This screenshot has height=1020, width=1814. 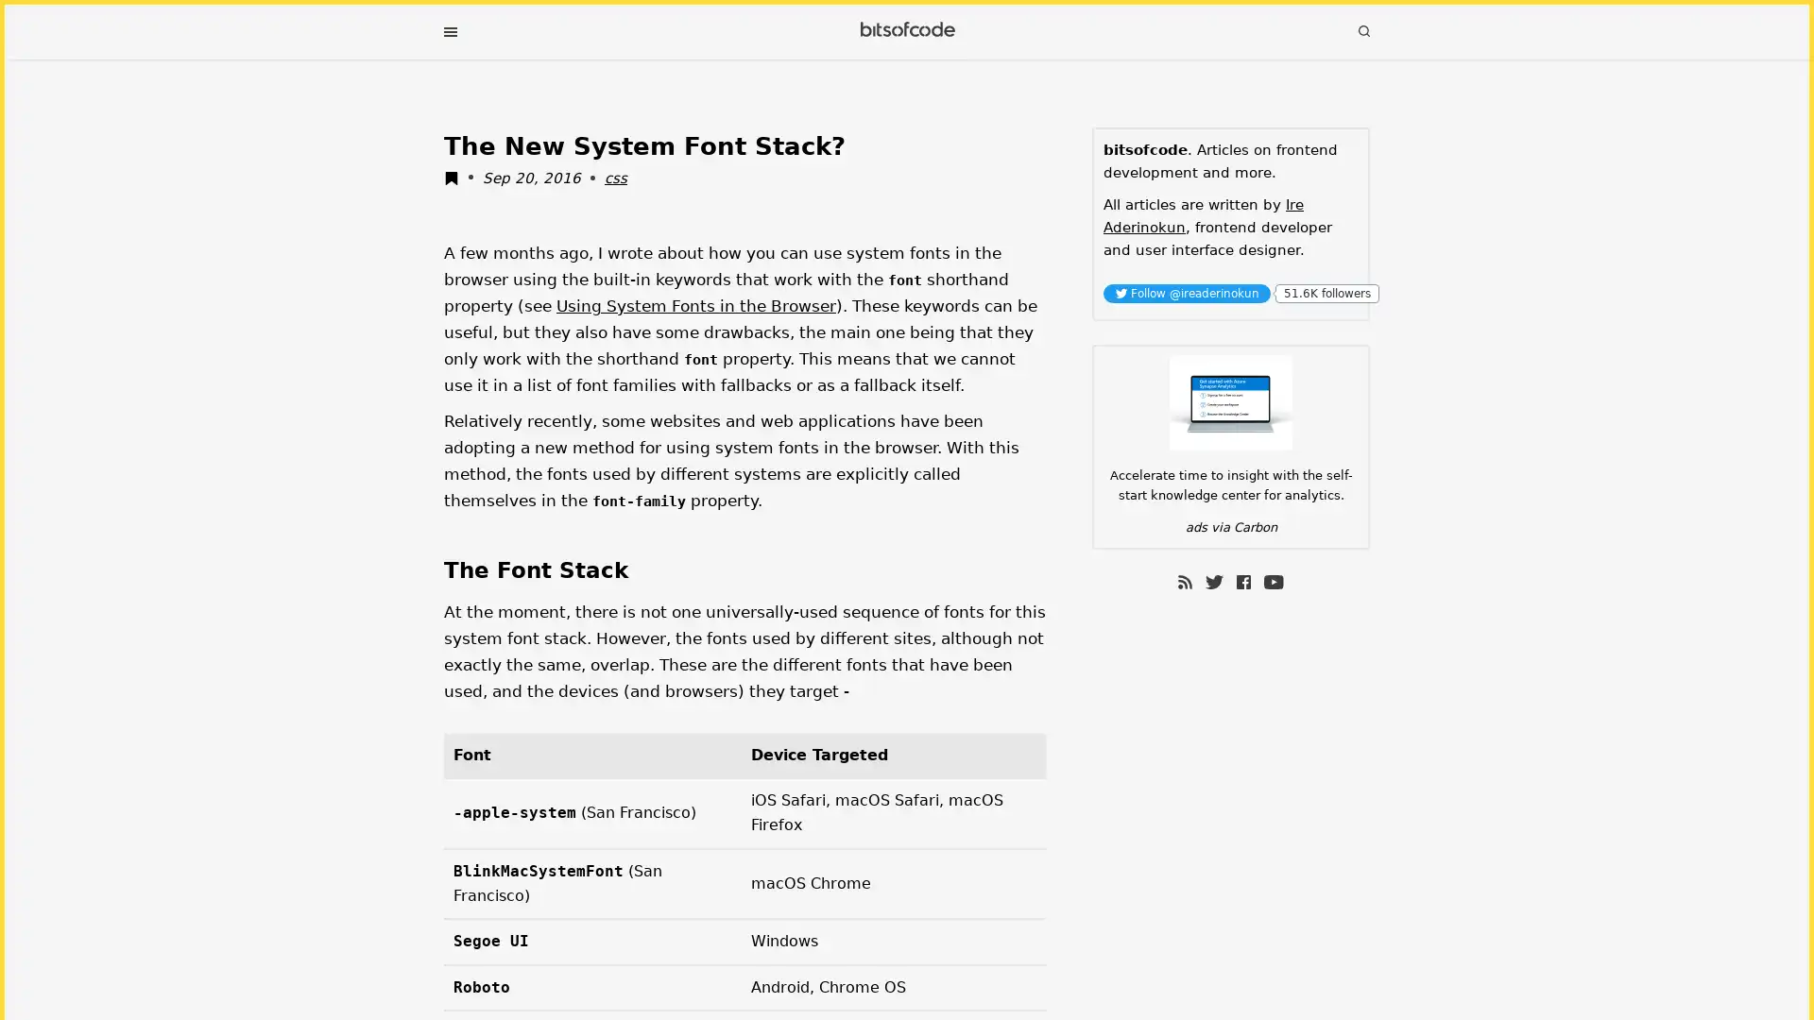 I want to click on Save Article for Offline, so click(x=456, y=180).